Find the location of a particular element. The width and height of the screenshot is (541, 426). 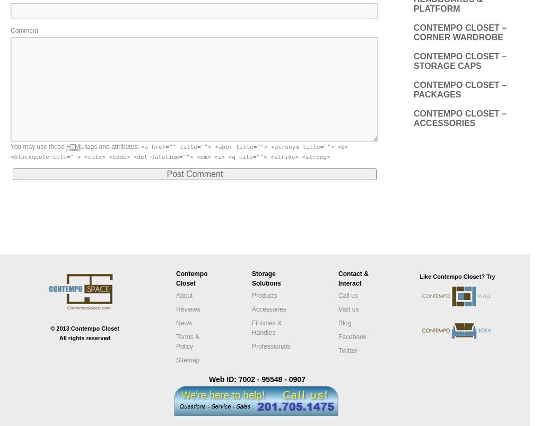

'Products' is located at coordinates (252, 295).